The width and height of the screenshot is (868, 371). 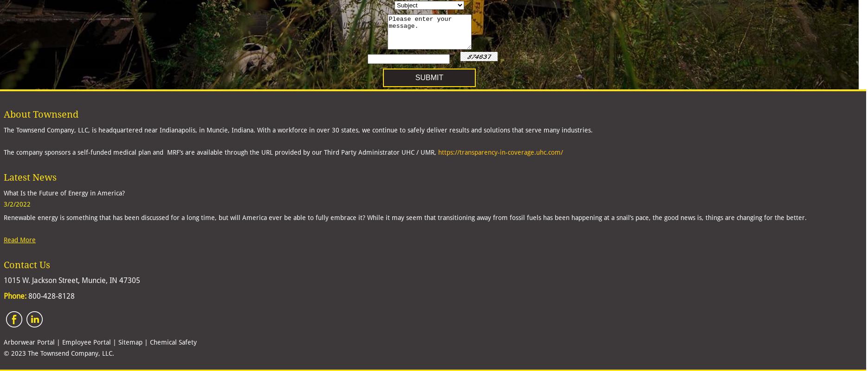 I want to click on ',', so click(x=436, y=152).